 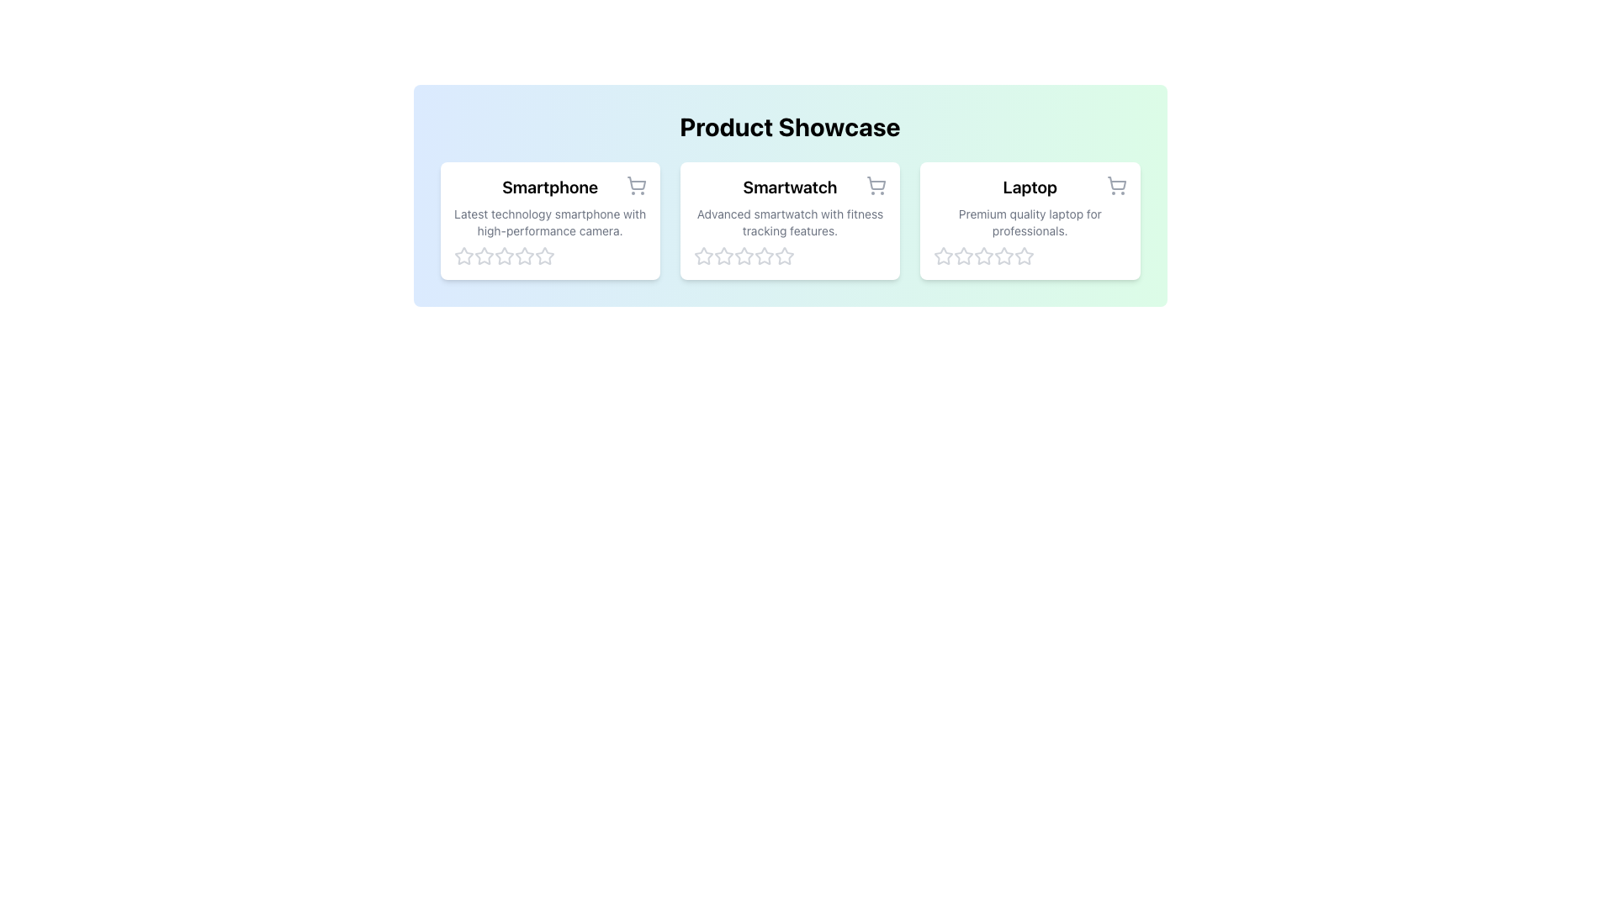 What do you see at coordinates (544, 256) in the screenshot?
I see `the fourth star icon in the star rating system under the 'Smartphone' product description` at bounding box center [544, 256].